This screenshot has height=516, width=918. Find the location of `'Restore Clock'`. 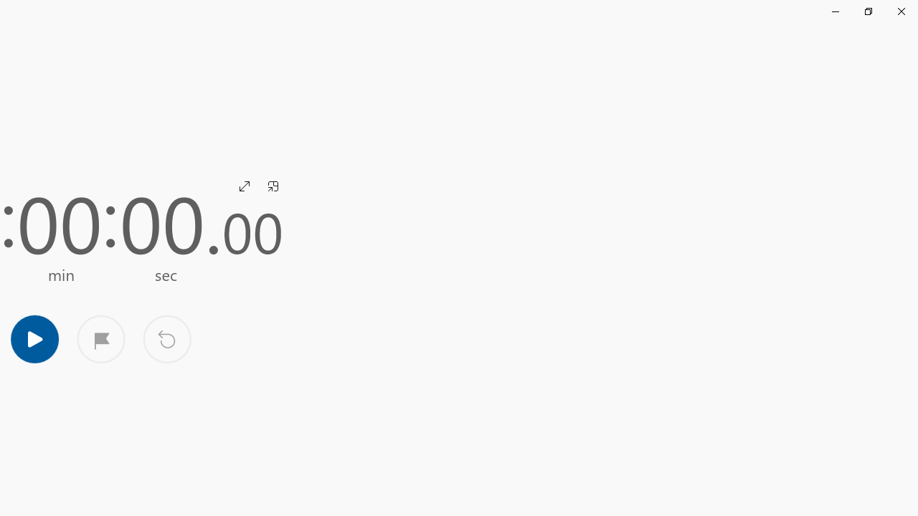

'Restore Clock' is located at coordinates (867, 11).